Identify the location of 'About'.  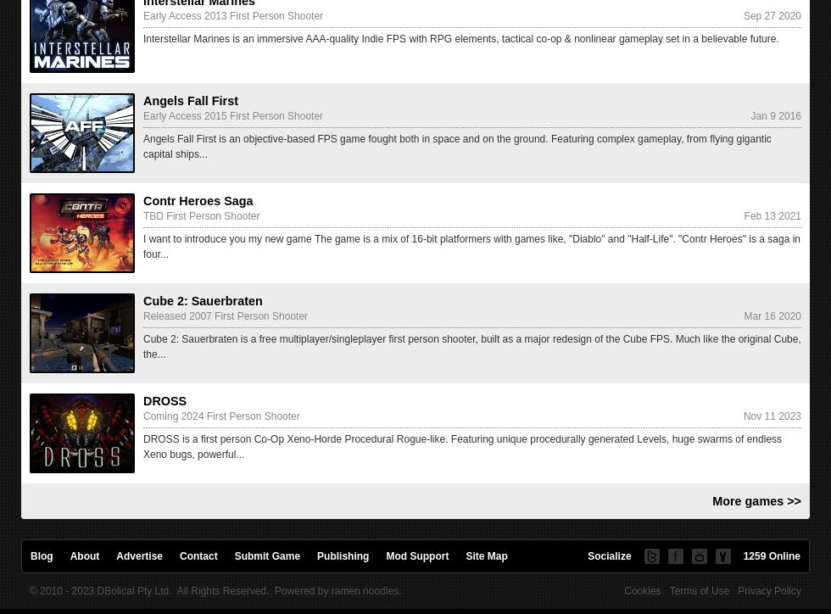
(70, 555).